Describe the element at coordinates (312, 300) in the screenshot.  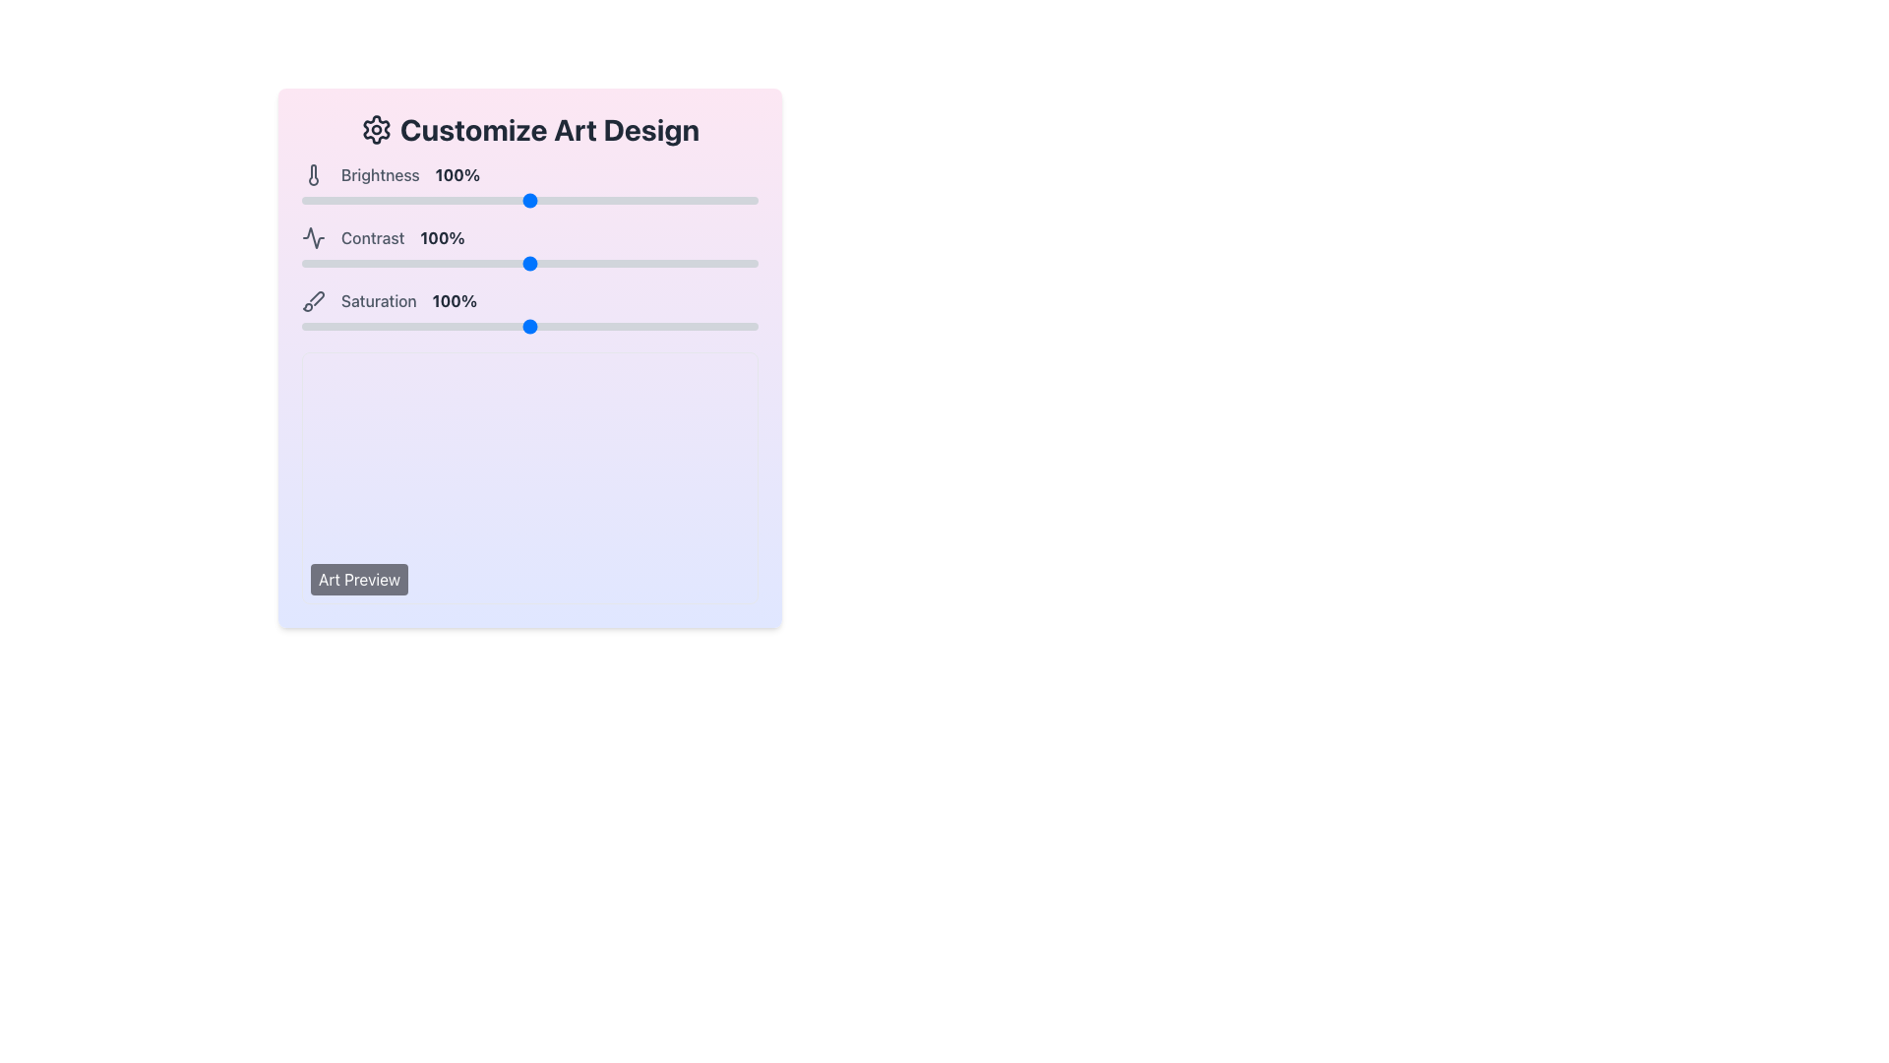
I see `the brush tool icon, which is a gray icon with a simple geometric design located in the third row of the configuration panel, to the left of the 'Saturation' label` at that location.